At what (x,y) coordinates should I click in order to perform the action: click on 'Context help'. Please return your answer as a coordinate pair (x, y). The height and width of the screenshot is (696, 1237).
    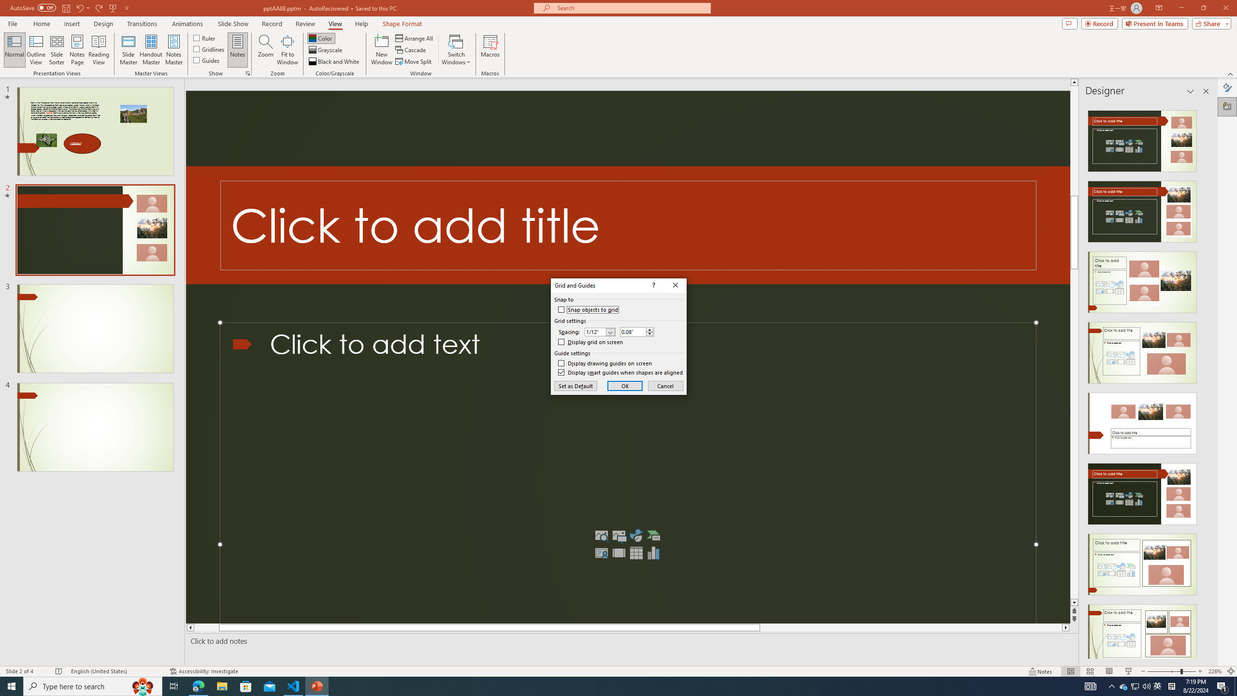
    Looking at the image, I should click on (652, 285).